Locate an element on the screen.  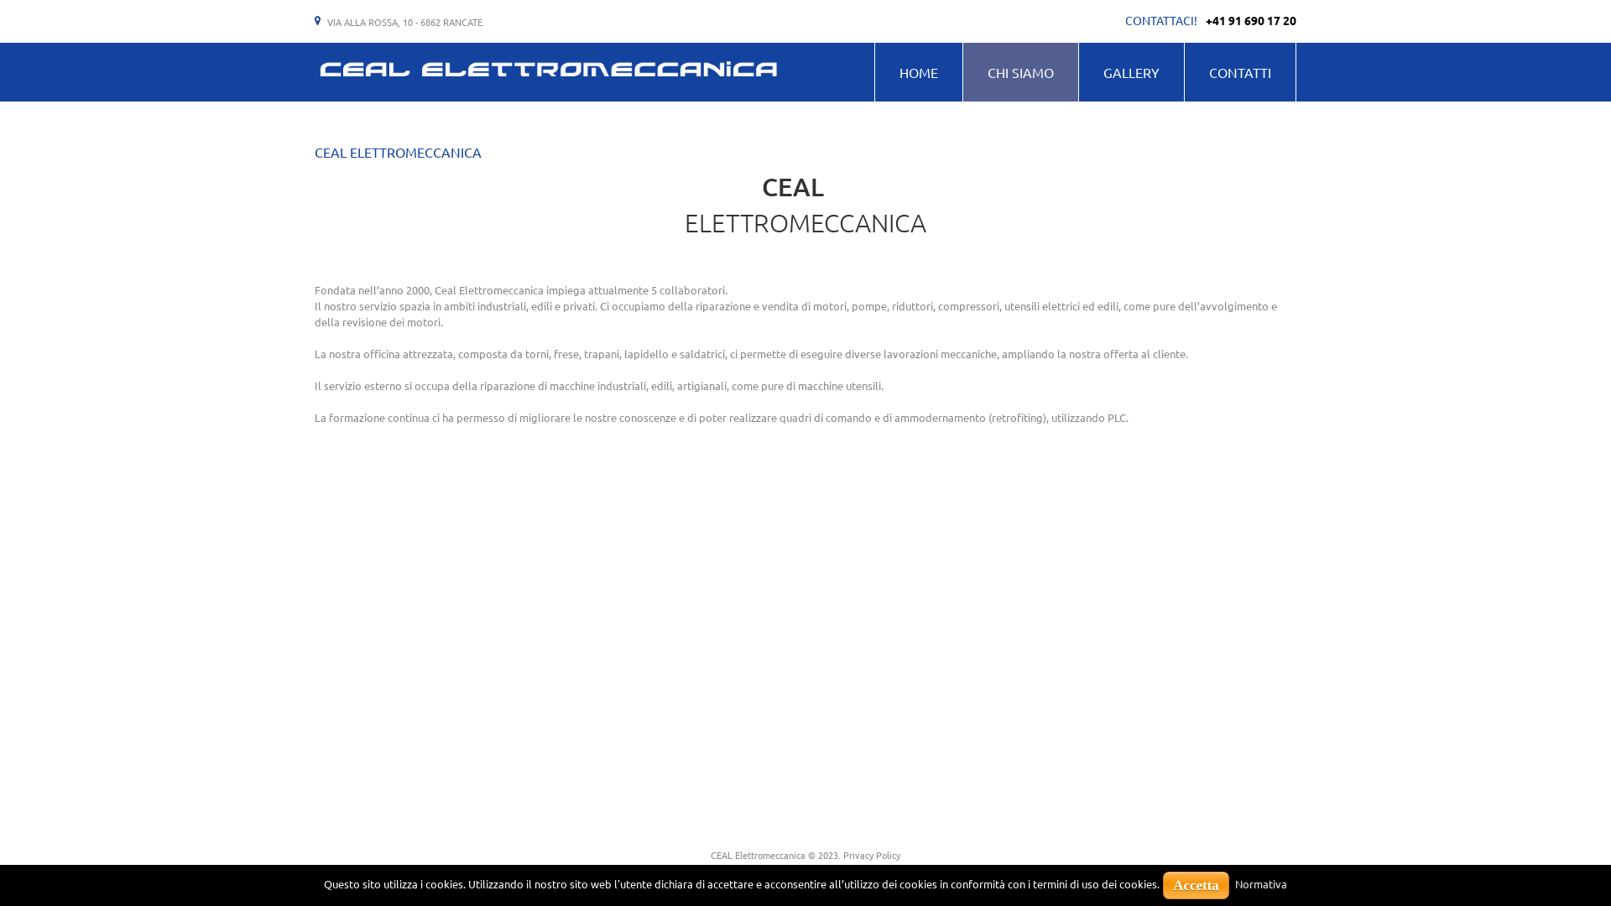
'Normativa' is located at coordinates (1260, 883).